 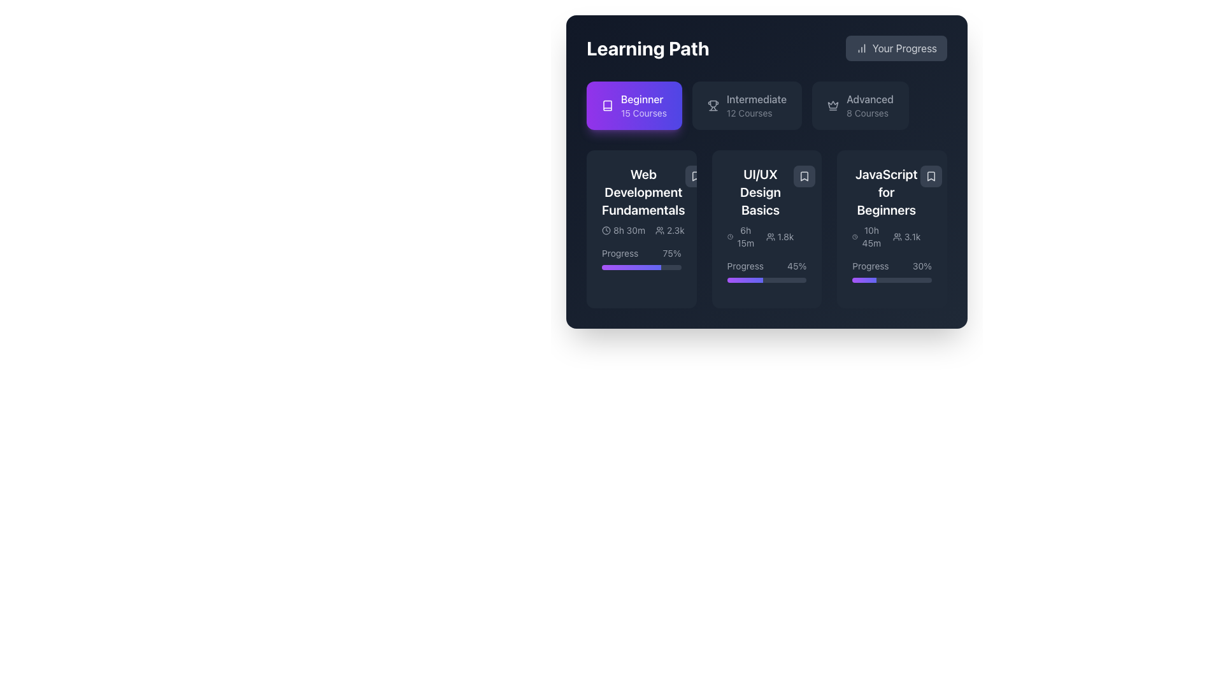 What do you see at coordinates (869, 112) in the screenshot?
I see `the text label that provides the count of courses in the 'Advanced' category, located below the 'Advanced' title in the top-right of the grouped skill levels` at bounding box center [869, 112].